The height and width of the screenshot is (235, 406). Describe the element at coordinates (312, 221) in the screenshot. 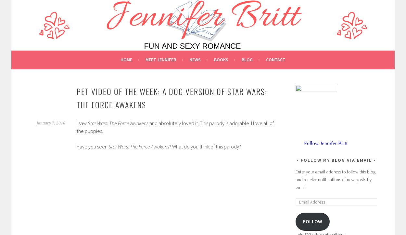

I see `'Follow'` at that location.